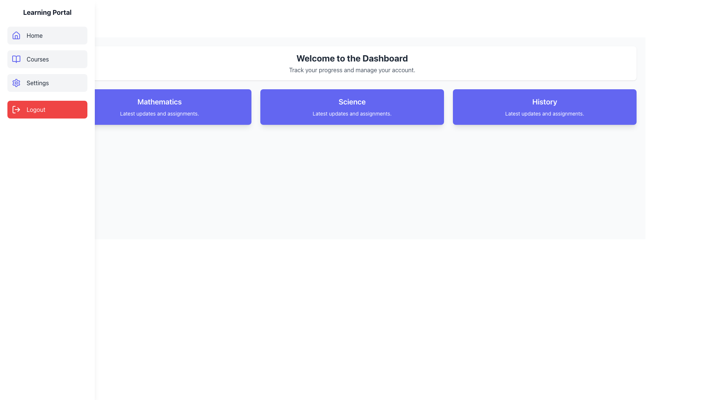  I want to click on the indigo-colored gear icon located in the 'Settings' section of the left-hand navigation panel, so click(16, 83).